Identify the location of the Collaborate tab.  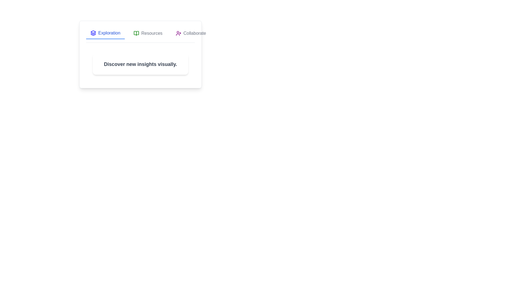
(191, 33).